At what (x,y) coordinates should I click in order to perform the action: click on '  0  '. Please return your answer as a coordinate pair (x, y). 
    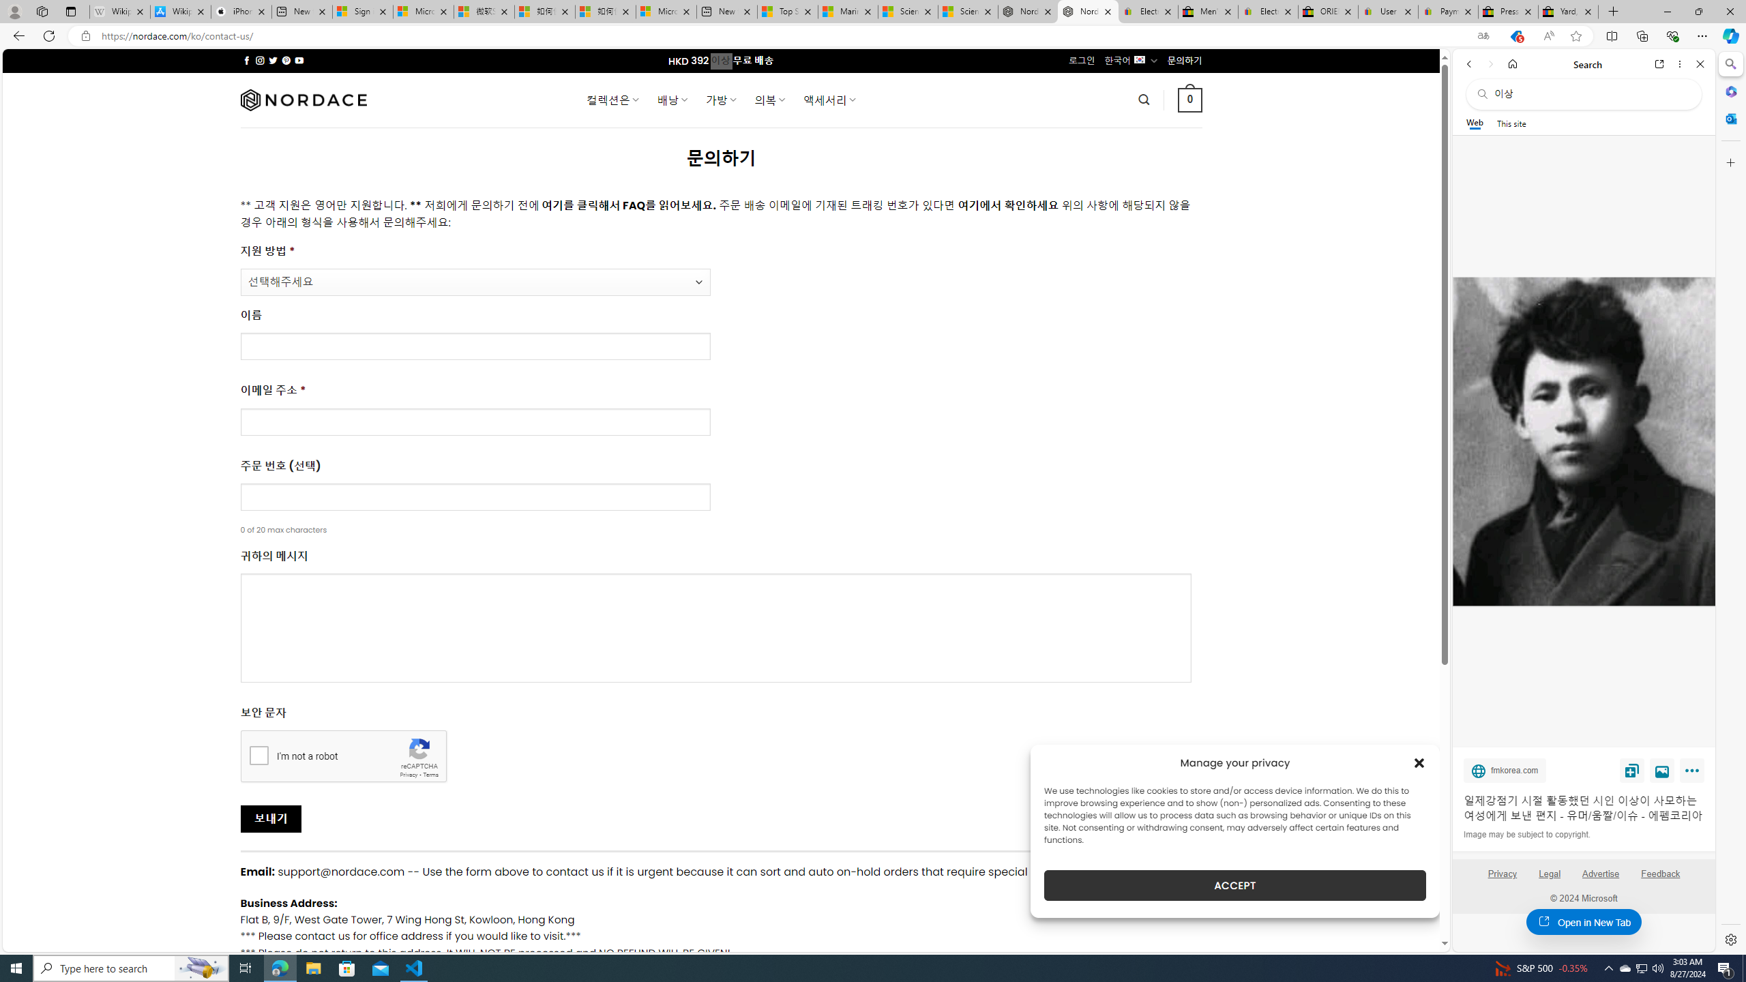
    Looking at the image, I should click on (1189, 99).